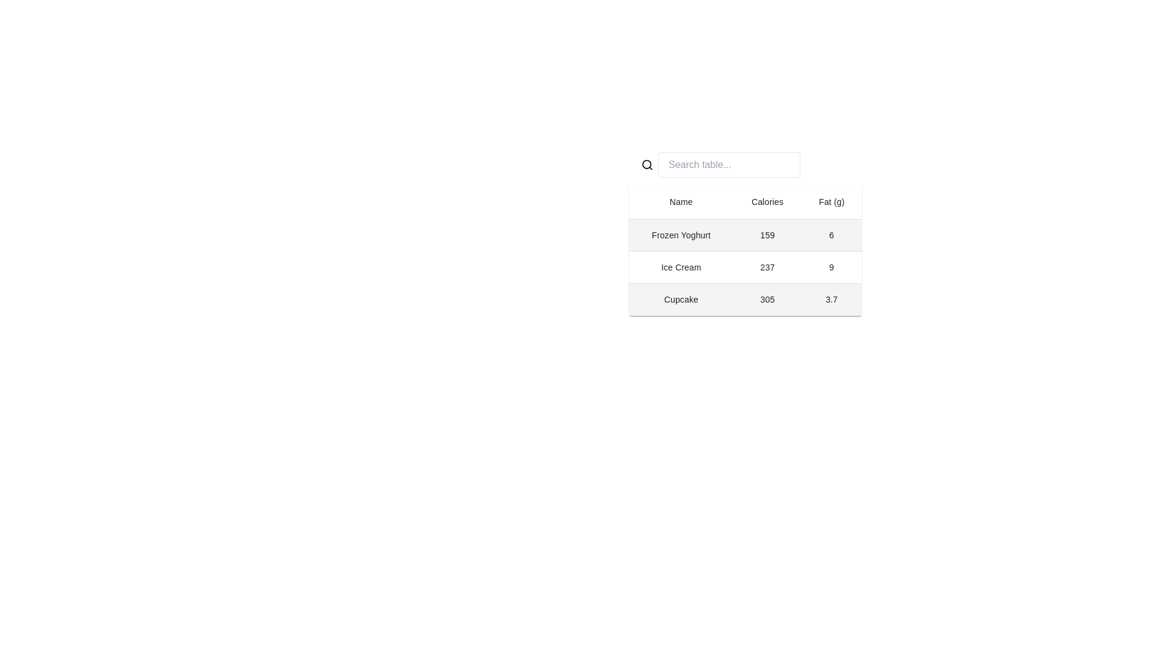 The image size is (1166, 655). What do you see at coordinates (646, 165) in the screenshot?
I see `the search icon that visually indicates the search functionality next to the input box with the placeholder 'Search table...'` at bounding box center [646, 165].